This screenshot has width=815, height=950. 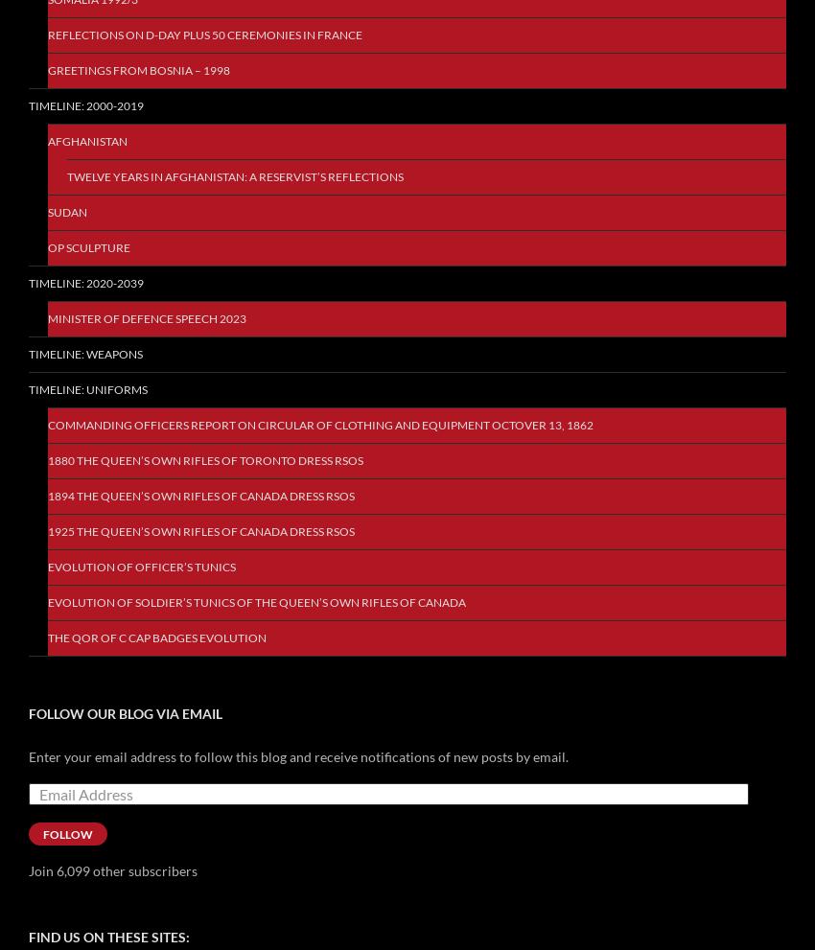 I want to click on 'Minister of Defence Speech 2023', so click(x=147, y=318).